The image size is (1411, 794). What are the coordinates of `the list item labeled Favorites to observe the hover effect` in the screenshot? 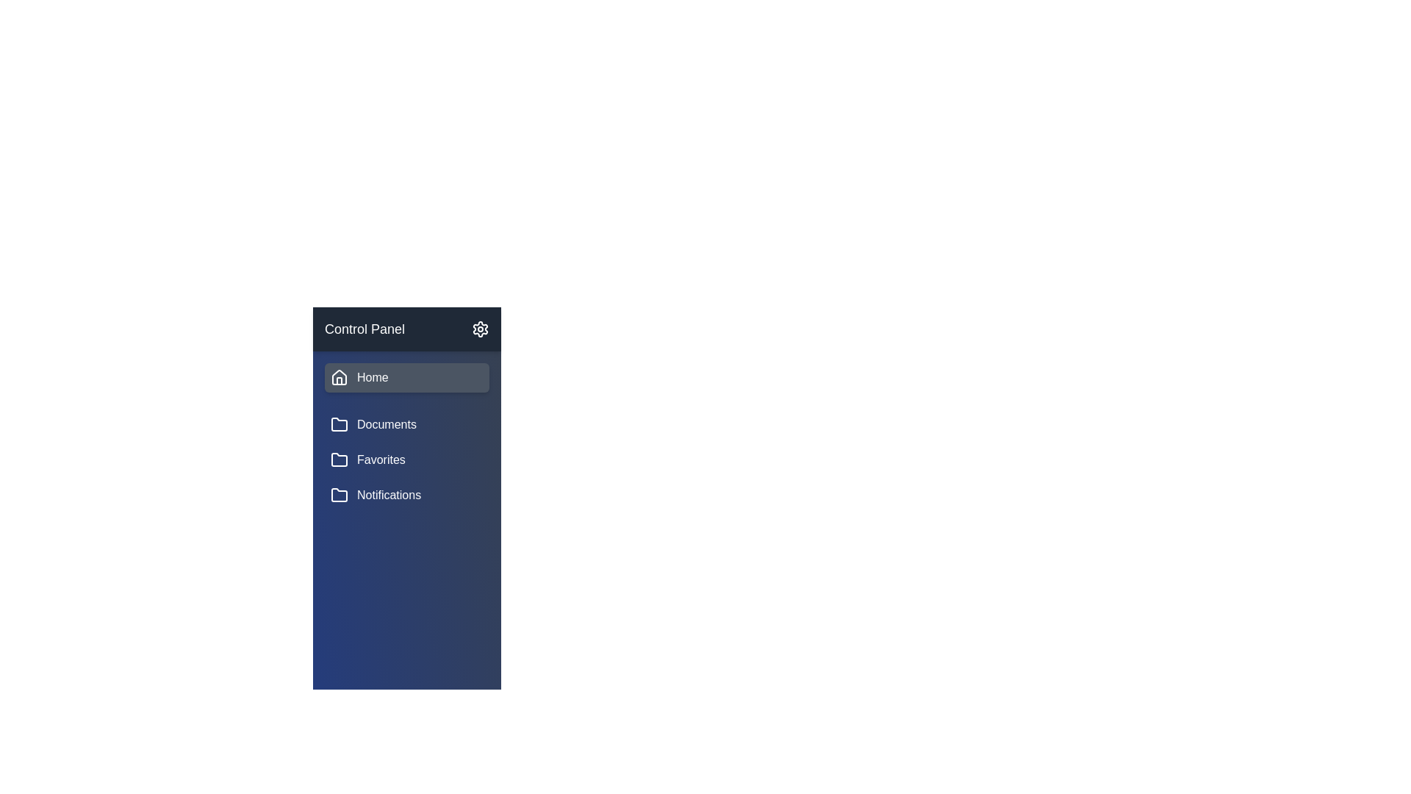 It's located at (406, 459).